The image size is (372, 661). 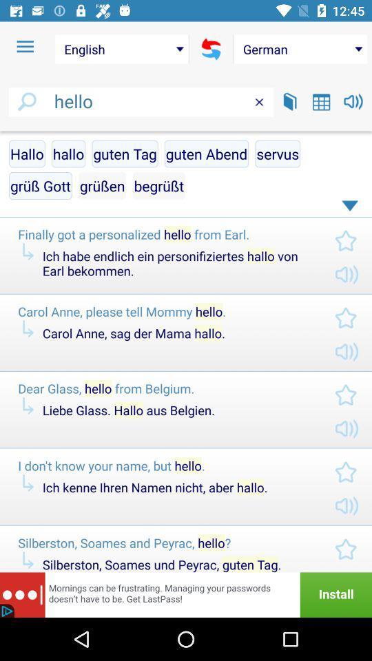 What do you see at coordinates (321, 101) in the screenshot?
I see `a calendar` at bounding box center [321, 101].